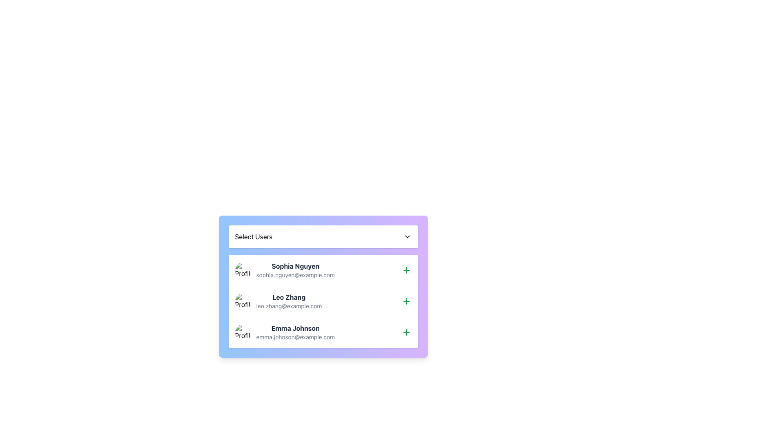  What do you see at coordinates (406, 332) in the screenshot?
I see `the green plus icon associated with Emma Johnson` at bounding box center [406, 332].